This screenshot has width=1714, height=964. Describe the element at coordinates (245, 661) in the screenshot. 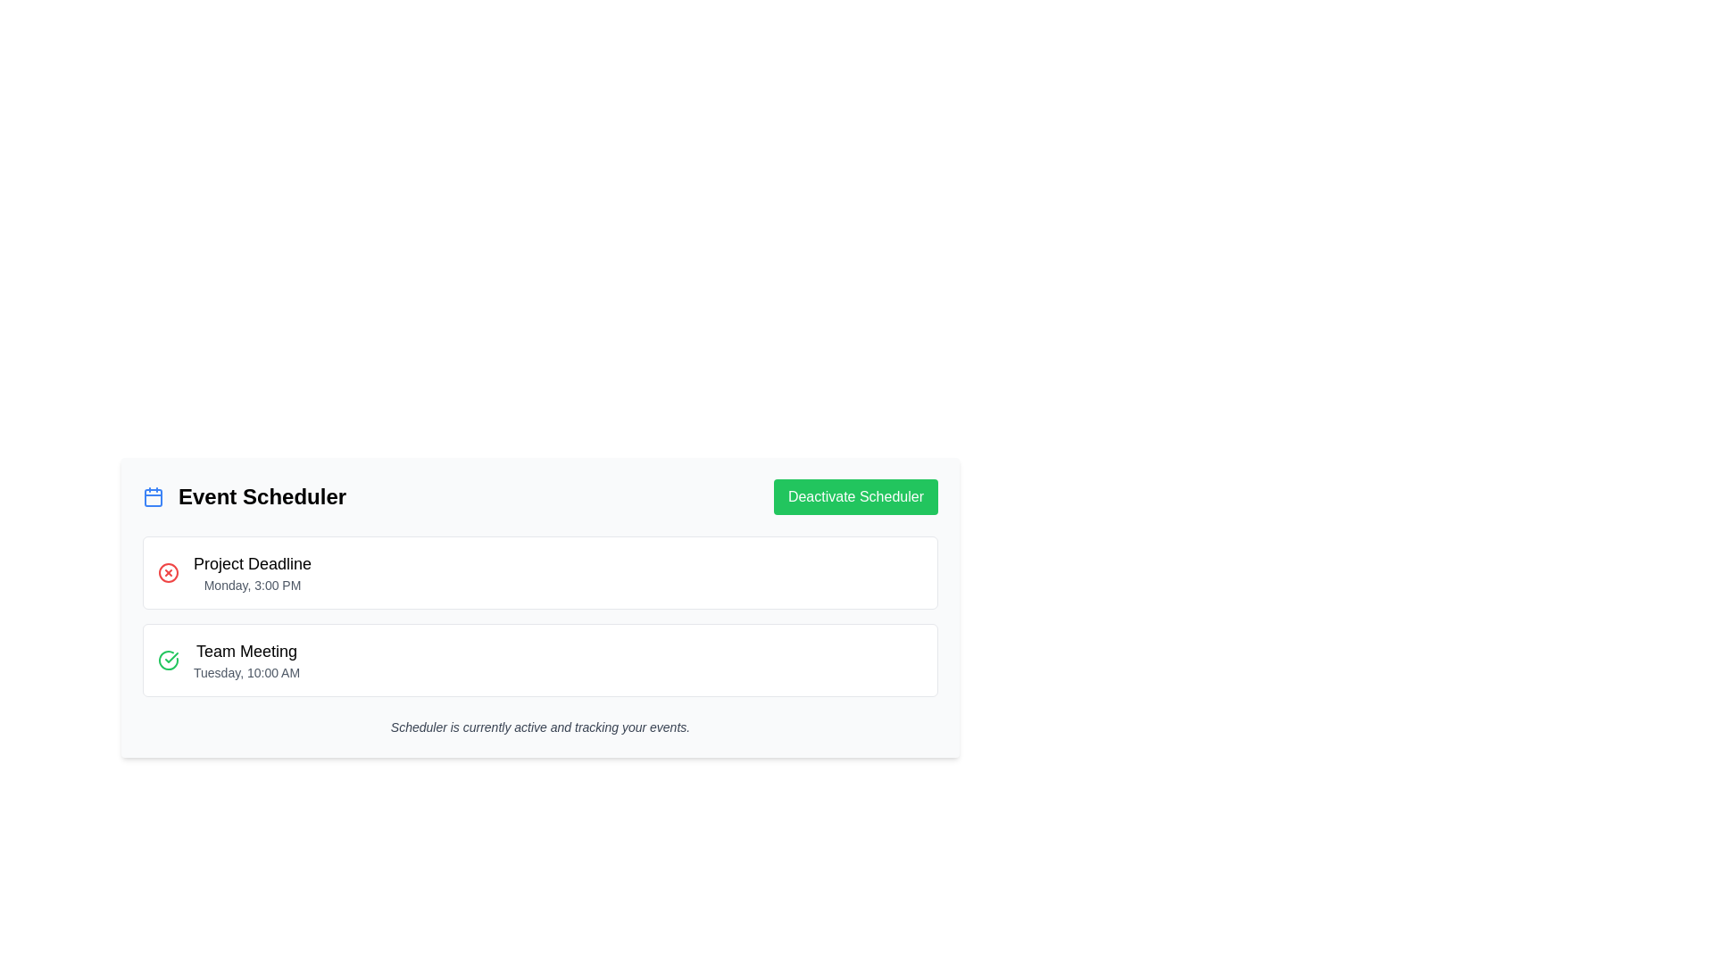

I see `event time displayed as 'Tuesday, 10:00 AM' under the event title 'Team Meeting' in the lower row of the event list` at that location.